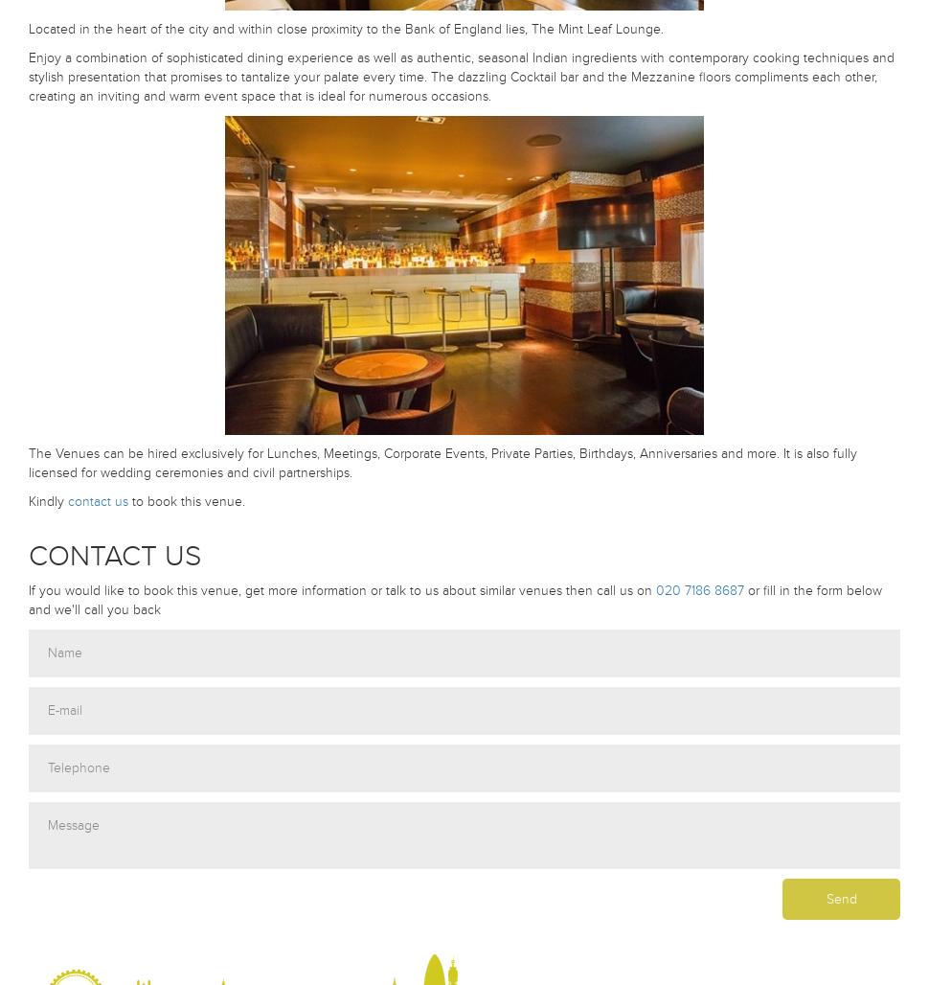 The height and width of the screenshot is (985, 929). Describe the element at coordinates (47, 501) in the screenshot. I see `'Kindly'` at that location.